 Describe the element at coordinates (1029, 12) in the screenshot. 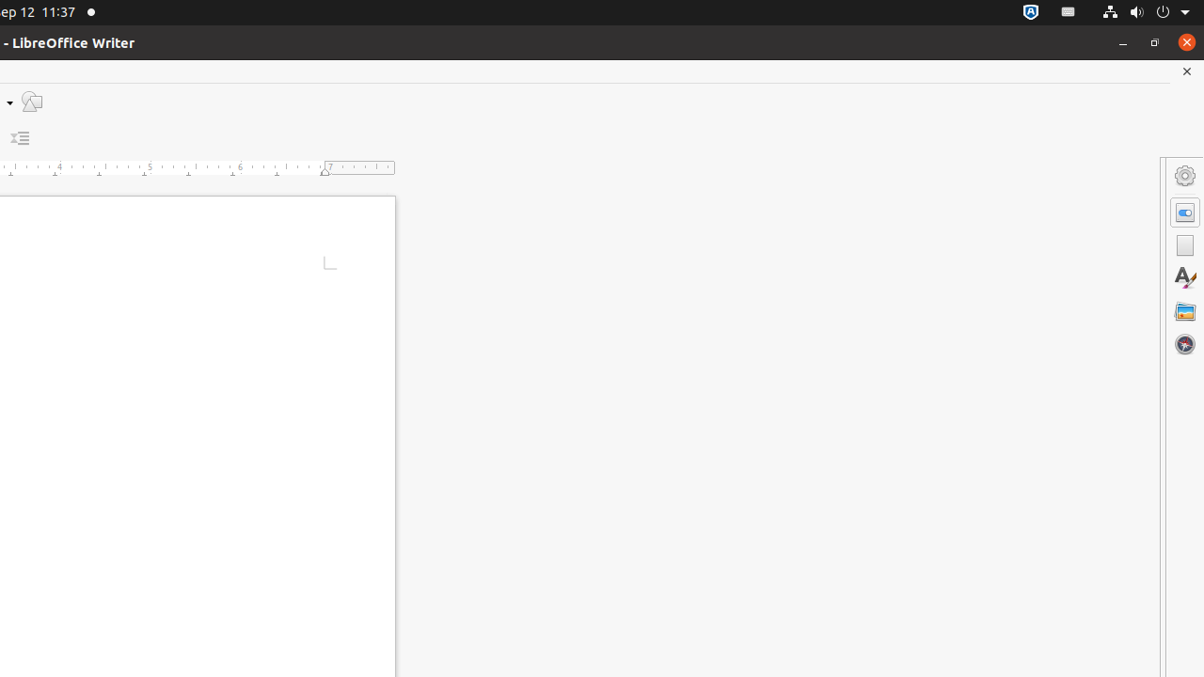

I see `':1.72/StatusNotifierItem'` at that location.